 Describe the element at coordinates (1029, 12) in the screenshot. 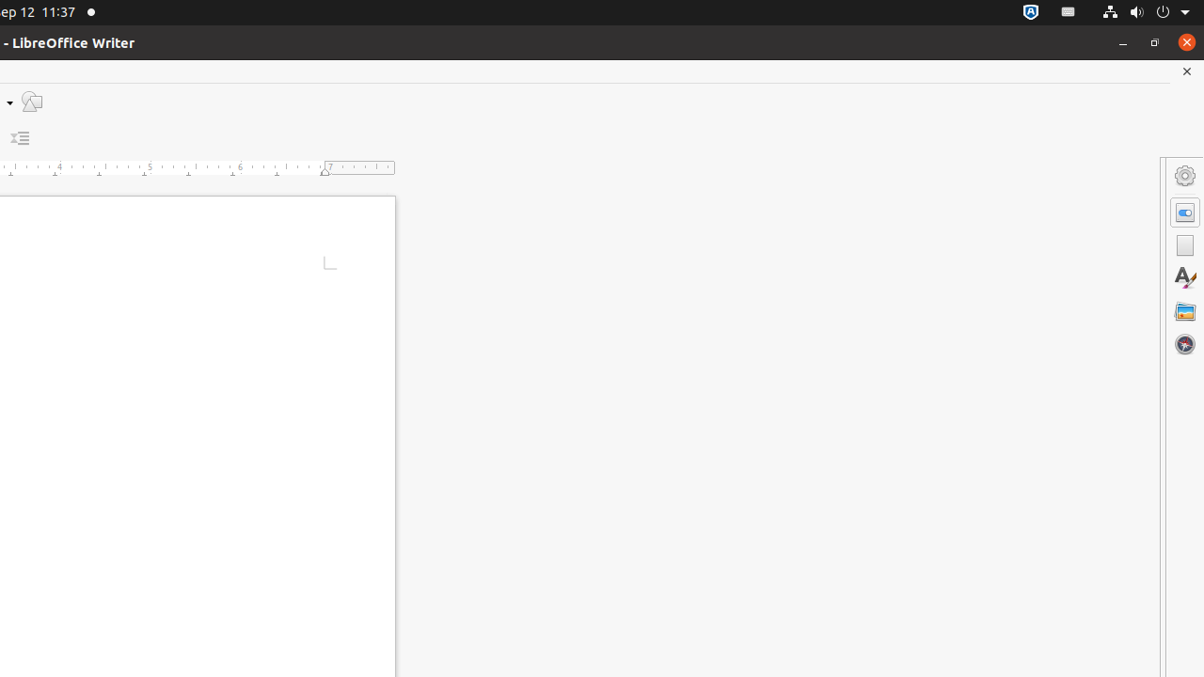

I see `':1.72/StatusNotifierItem'` at that location.